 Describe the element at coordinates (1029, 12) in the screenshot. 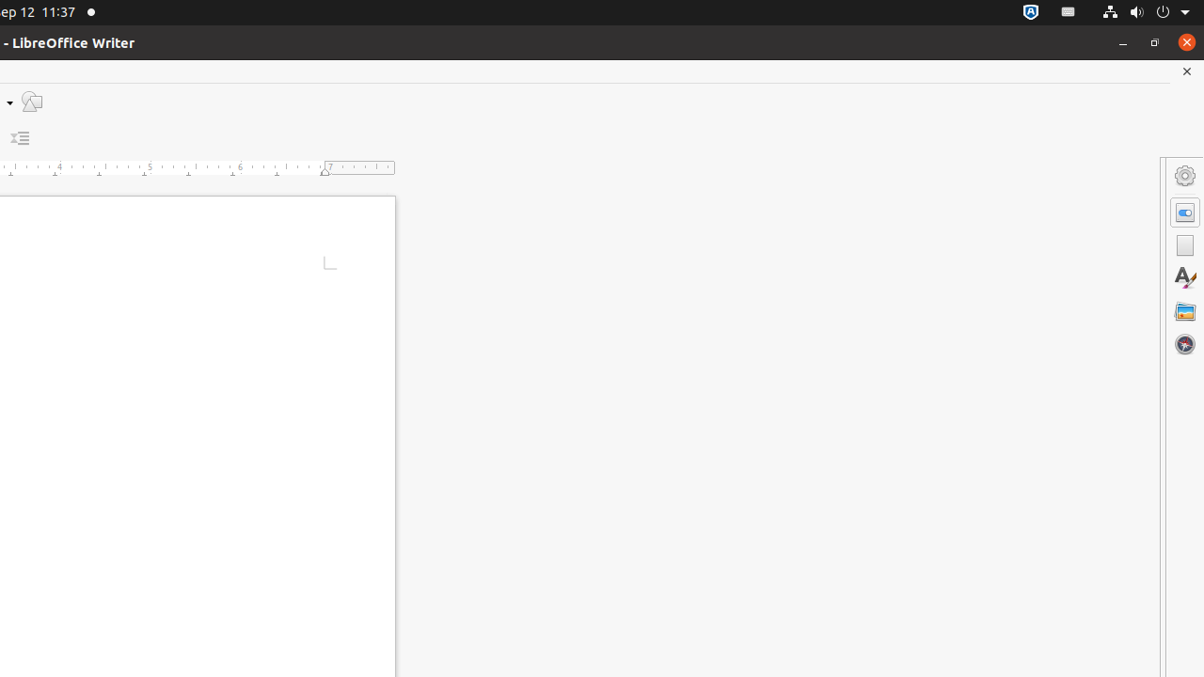

I see `':1.72/StatusNotifierItem'` at that location.